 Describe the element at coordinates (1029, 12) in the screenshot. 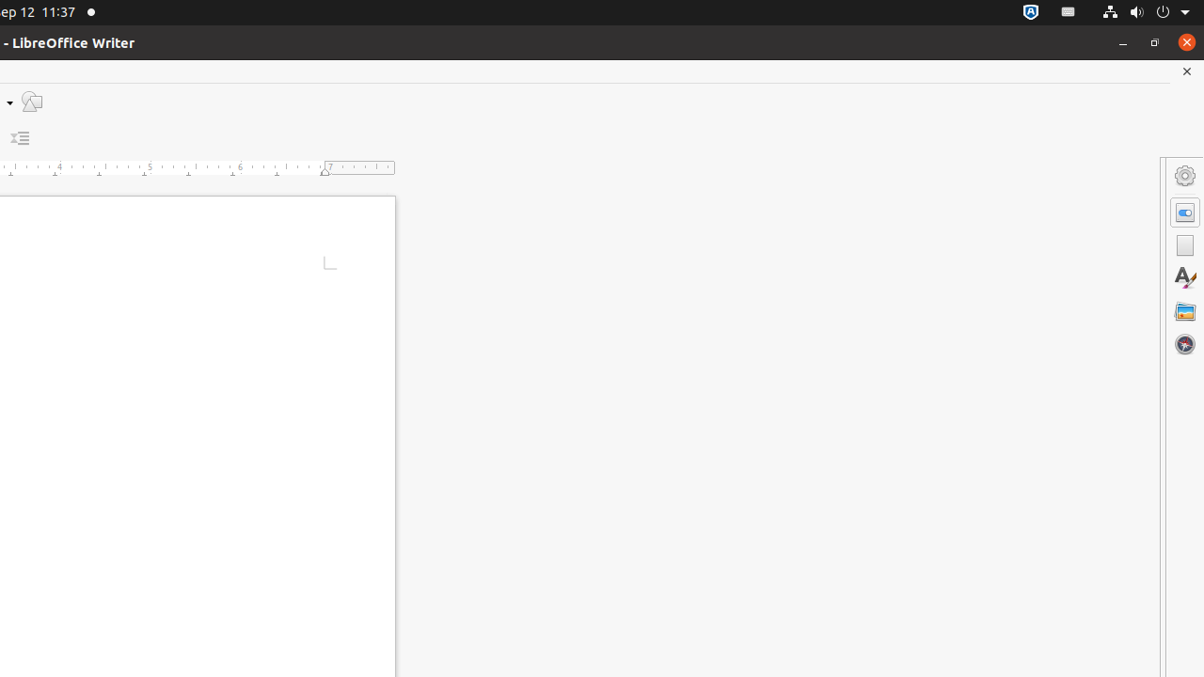

I see `':1.72/StatusNotifierItem'` at that location.